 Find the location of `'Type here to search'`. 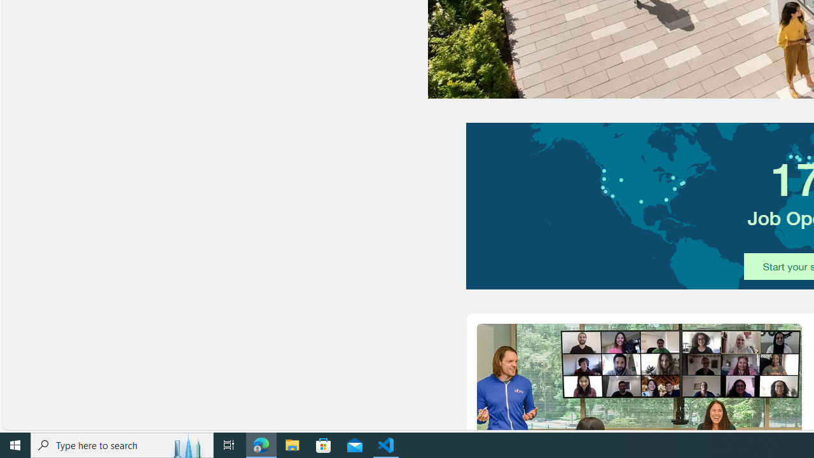

'Type here to search' is located at coordinates (122, 444).